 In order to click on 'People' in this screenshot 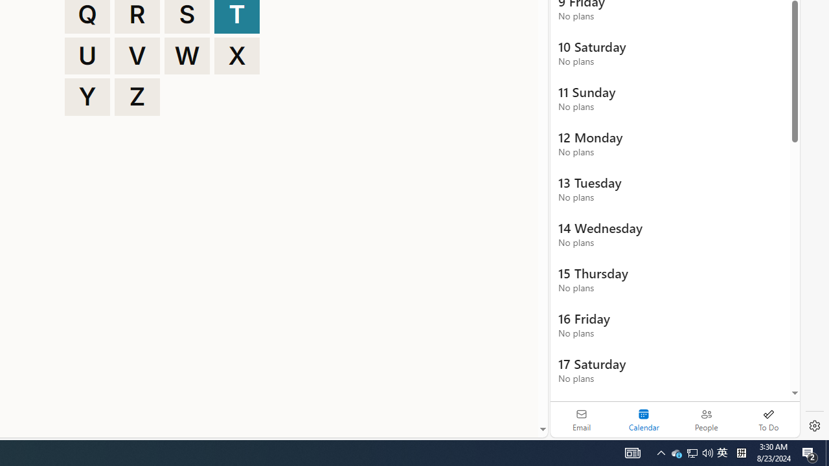, I will do `click(705, 419)`.